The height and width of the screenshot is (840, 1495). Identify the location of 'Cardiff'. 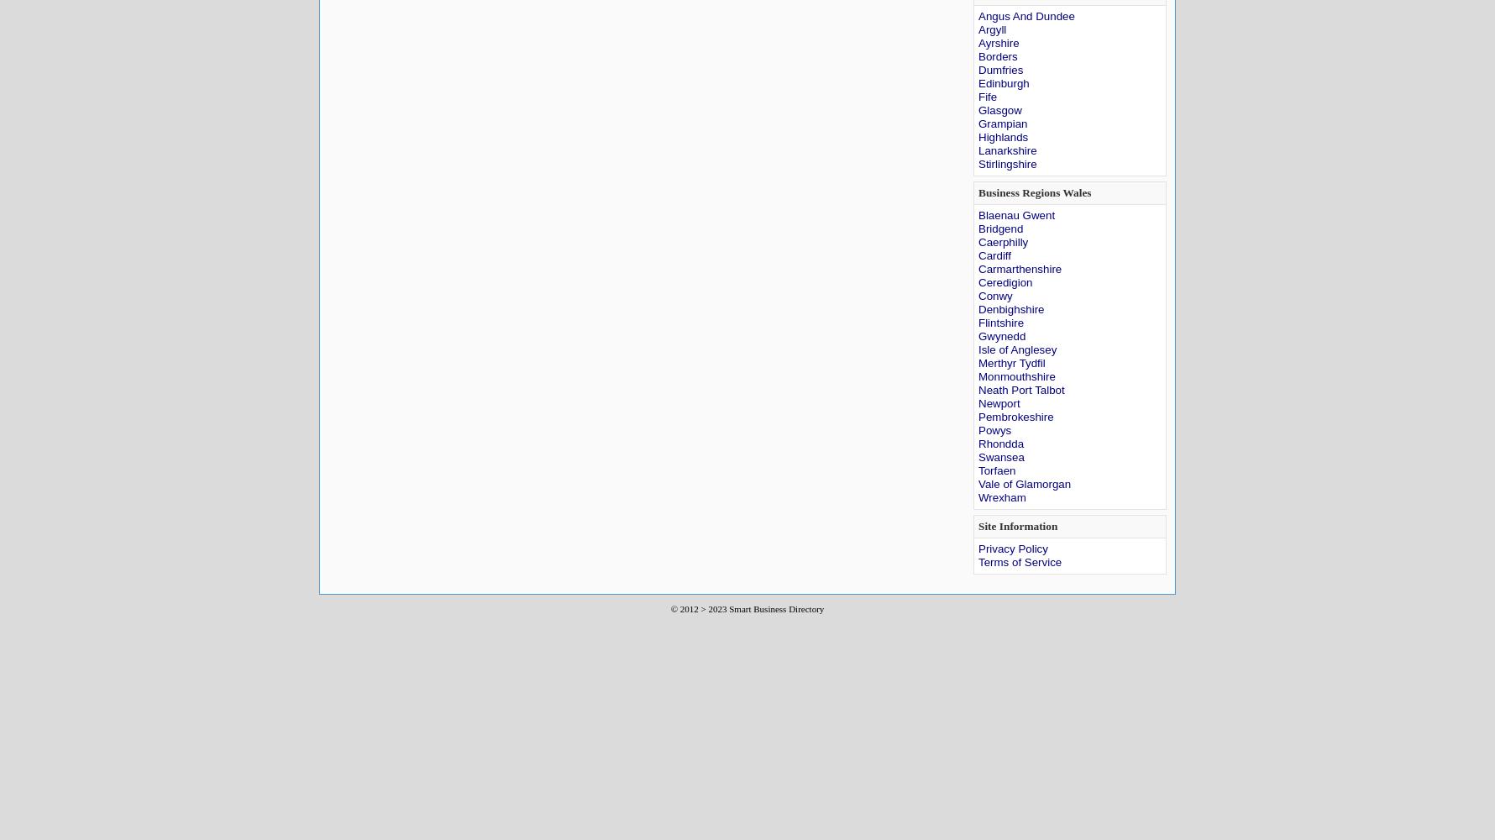
(994, 255).